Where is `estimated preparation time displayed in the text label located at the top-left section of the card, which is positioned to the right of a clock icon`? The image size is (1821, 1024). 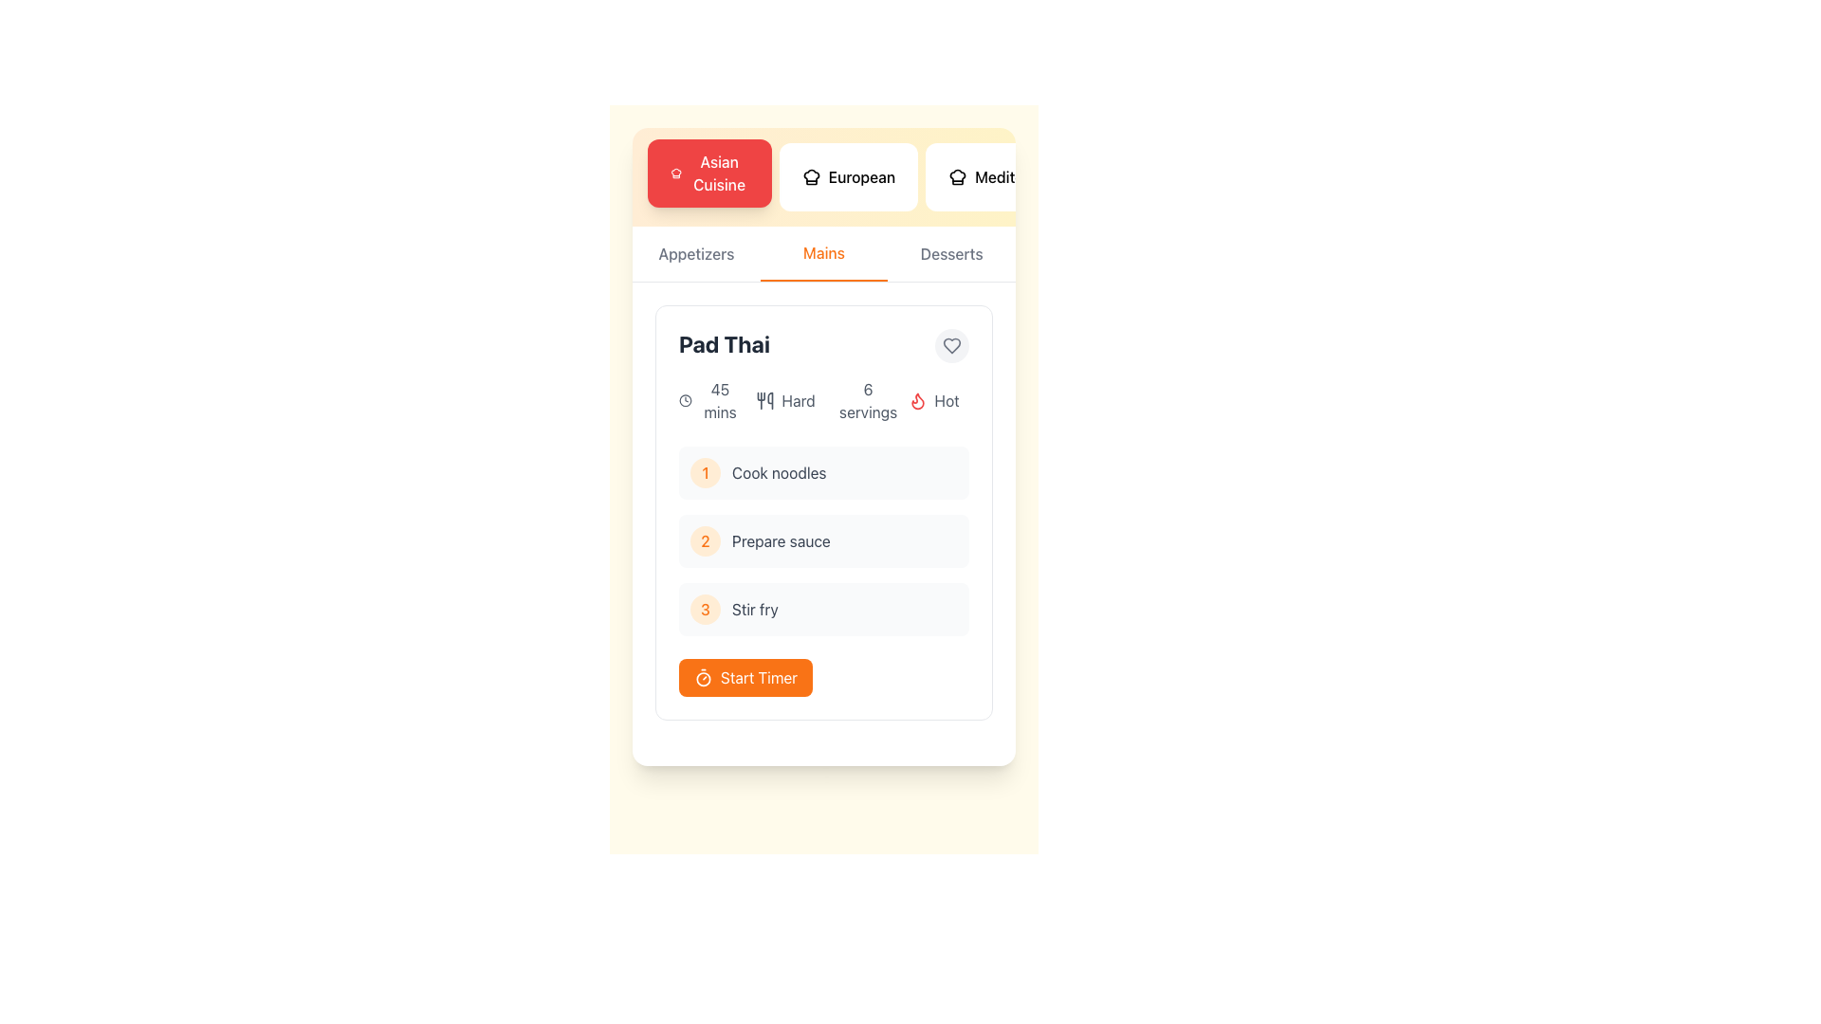
estimated preparation time displayed in the text label located at the top-left section of the card, which is positioned to the right of a clock icon is located at coordinates (719, 400).